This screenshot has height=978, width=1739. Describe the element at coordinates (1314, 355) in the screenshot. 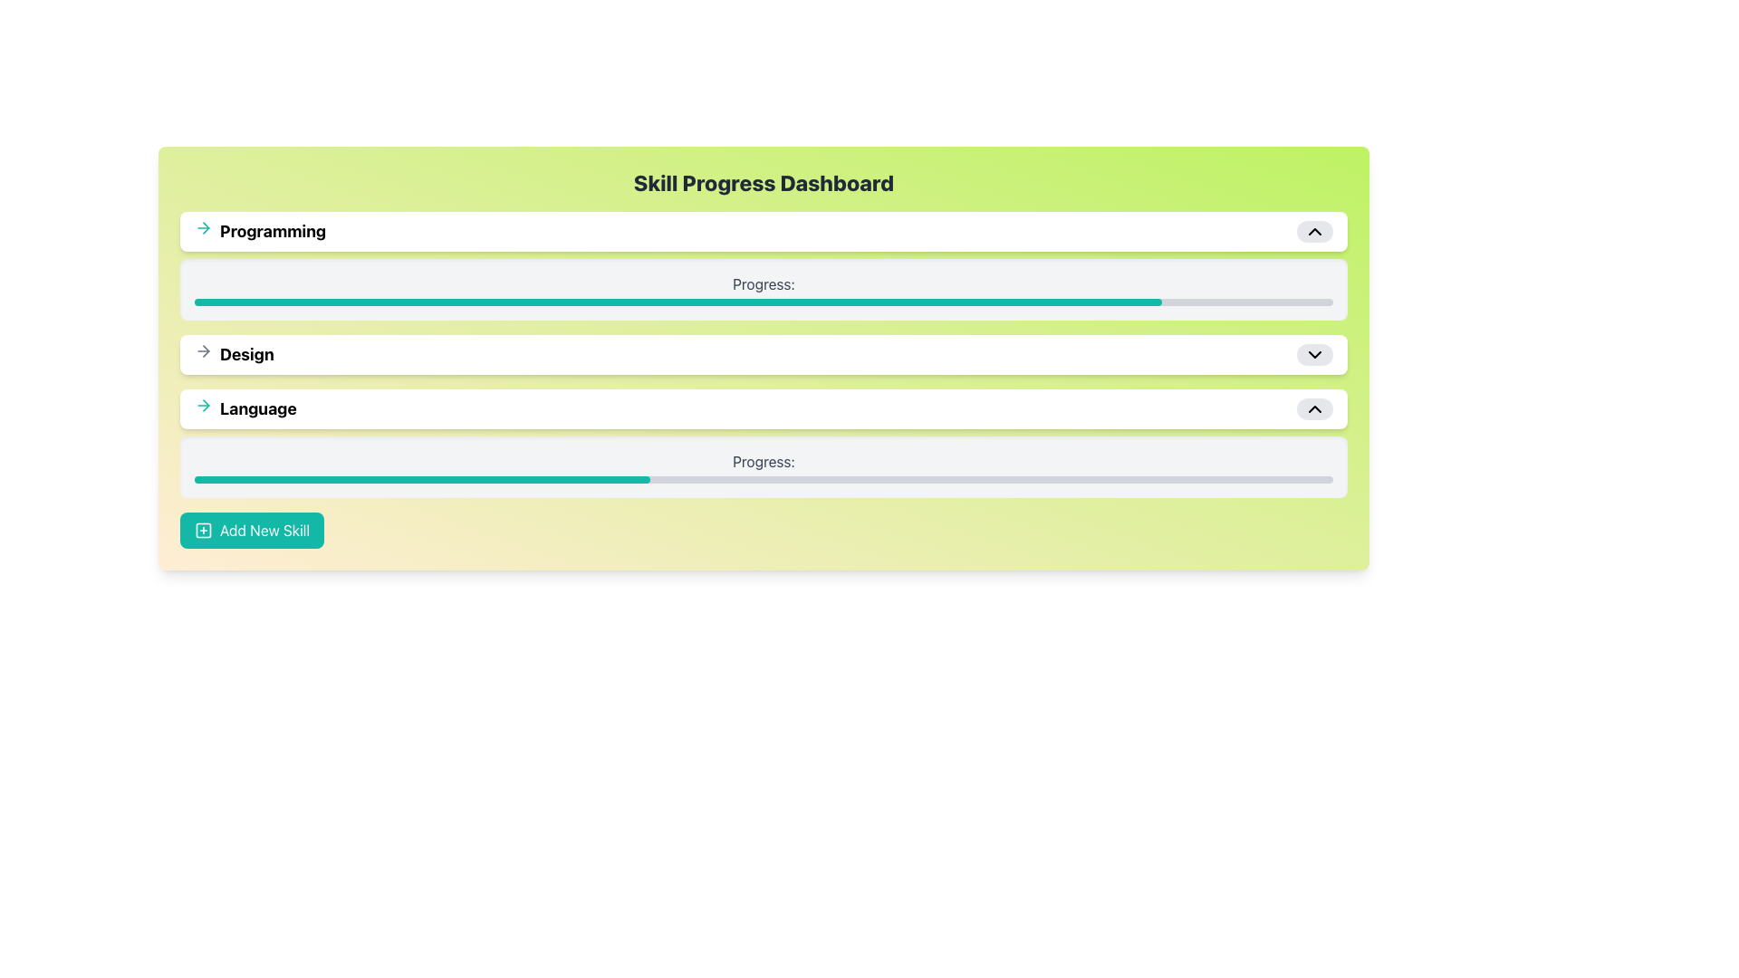

I see `the downward pointing chevron icon with a black outline located within the light gray button in the 'Design' section of the Skill Progress Dashboard` at that location.